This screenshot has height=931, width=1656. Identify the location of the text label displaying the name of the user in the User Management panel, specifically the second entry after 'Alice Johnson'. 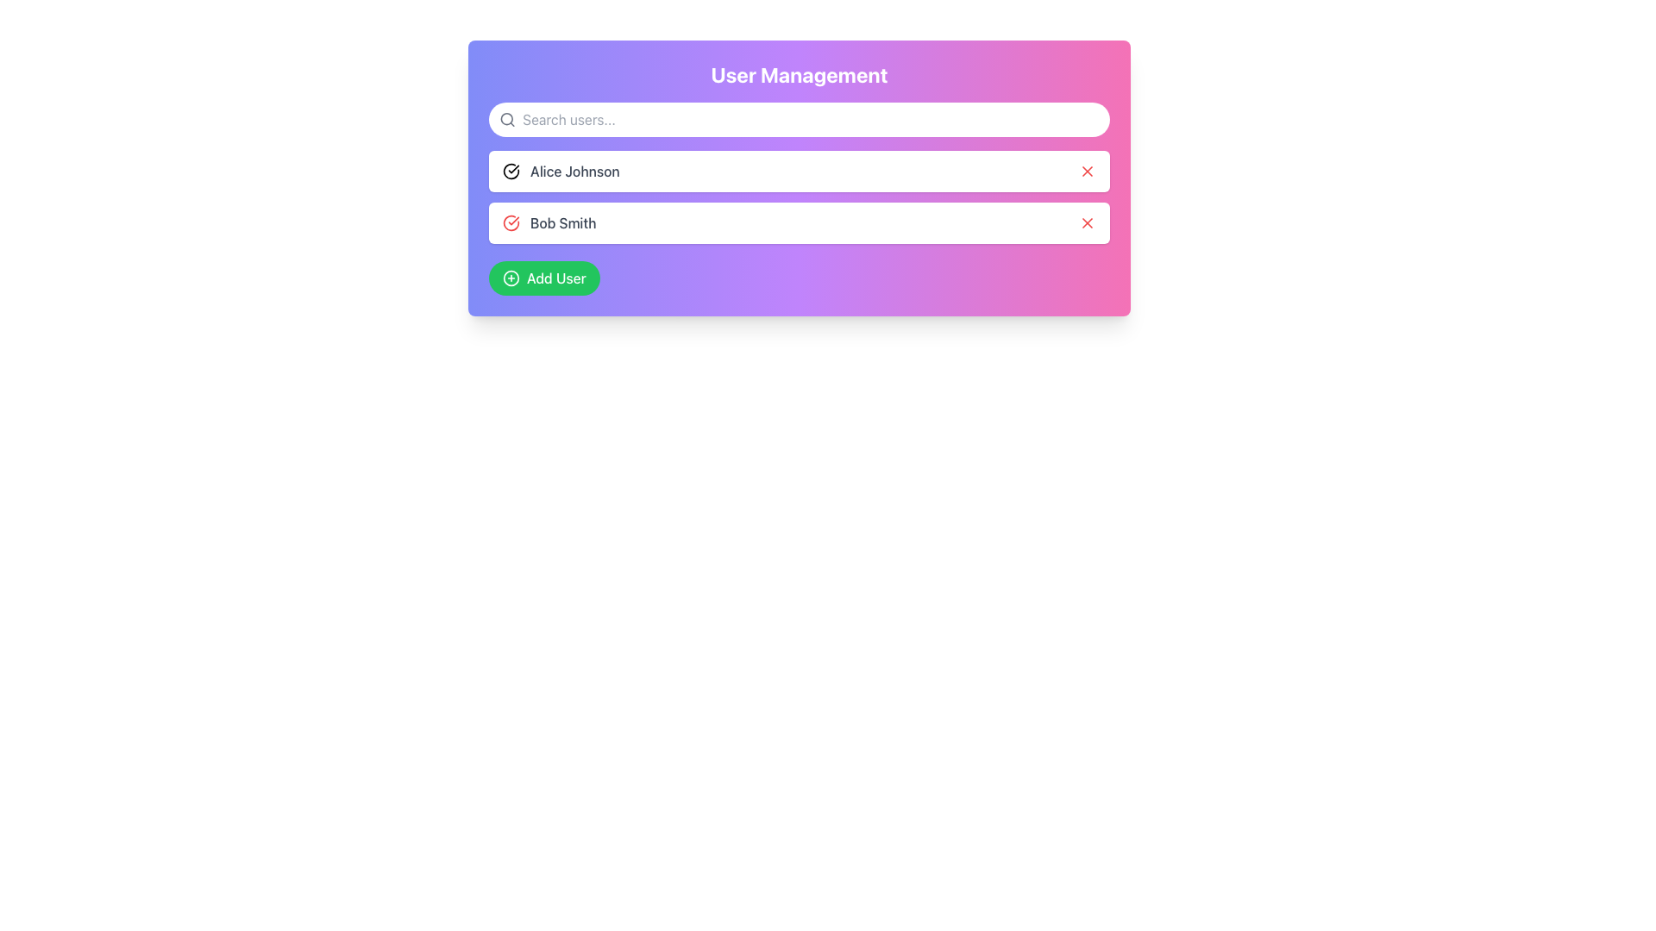
(563, 222).